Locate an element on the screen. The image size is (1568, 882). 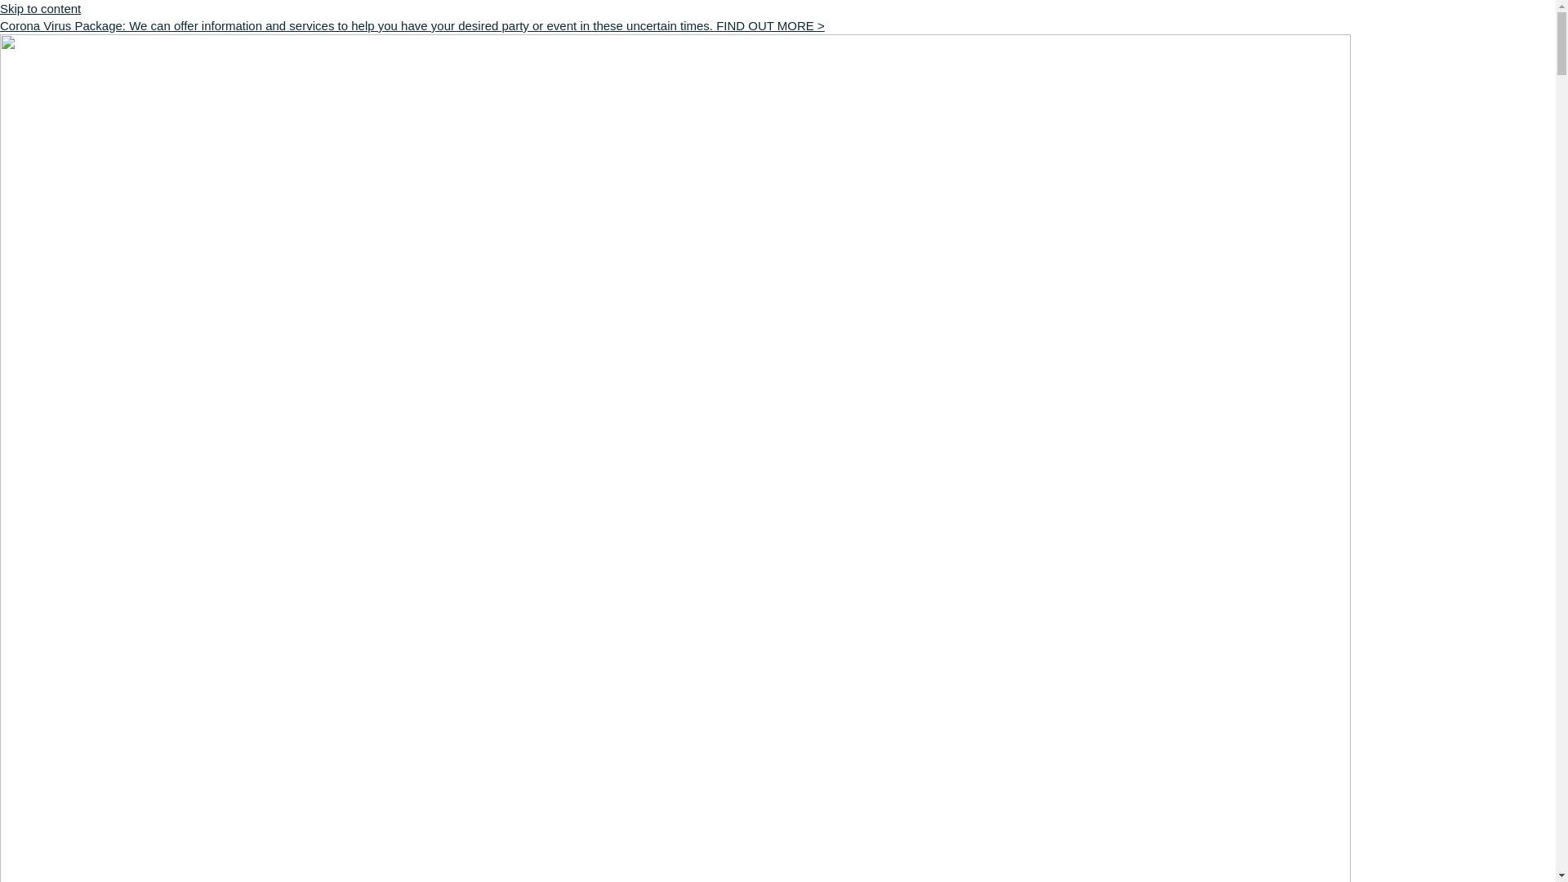
'Skip to content' is located at coordinates (0, 8).